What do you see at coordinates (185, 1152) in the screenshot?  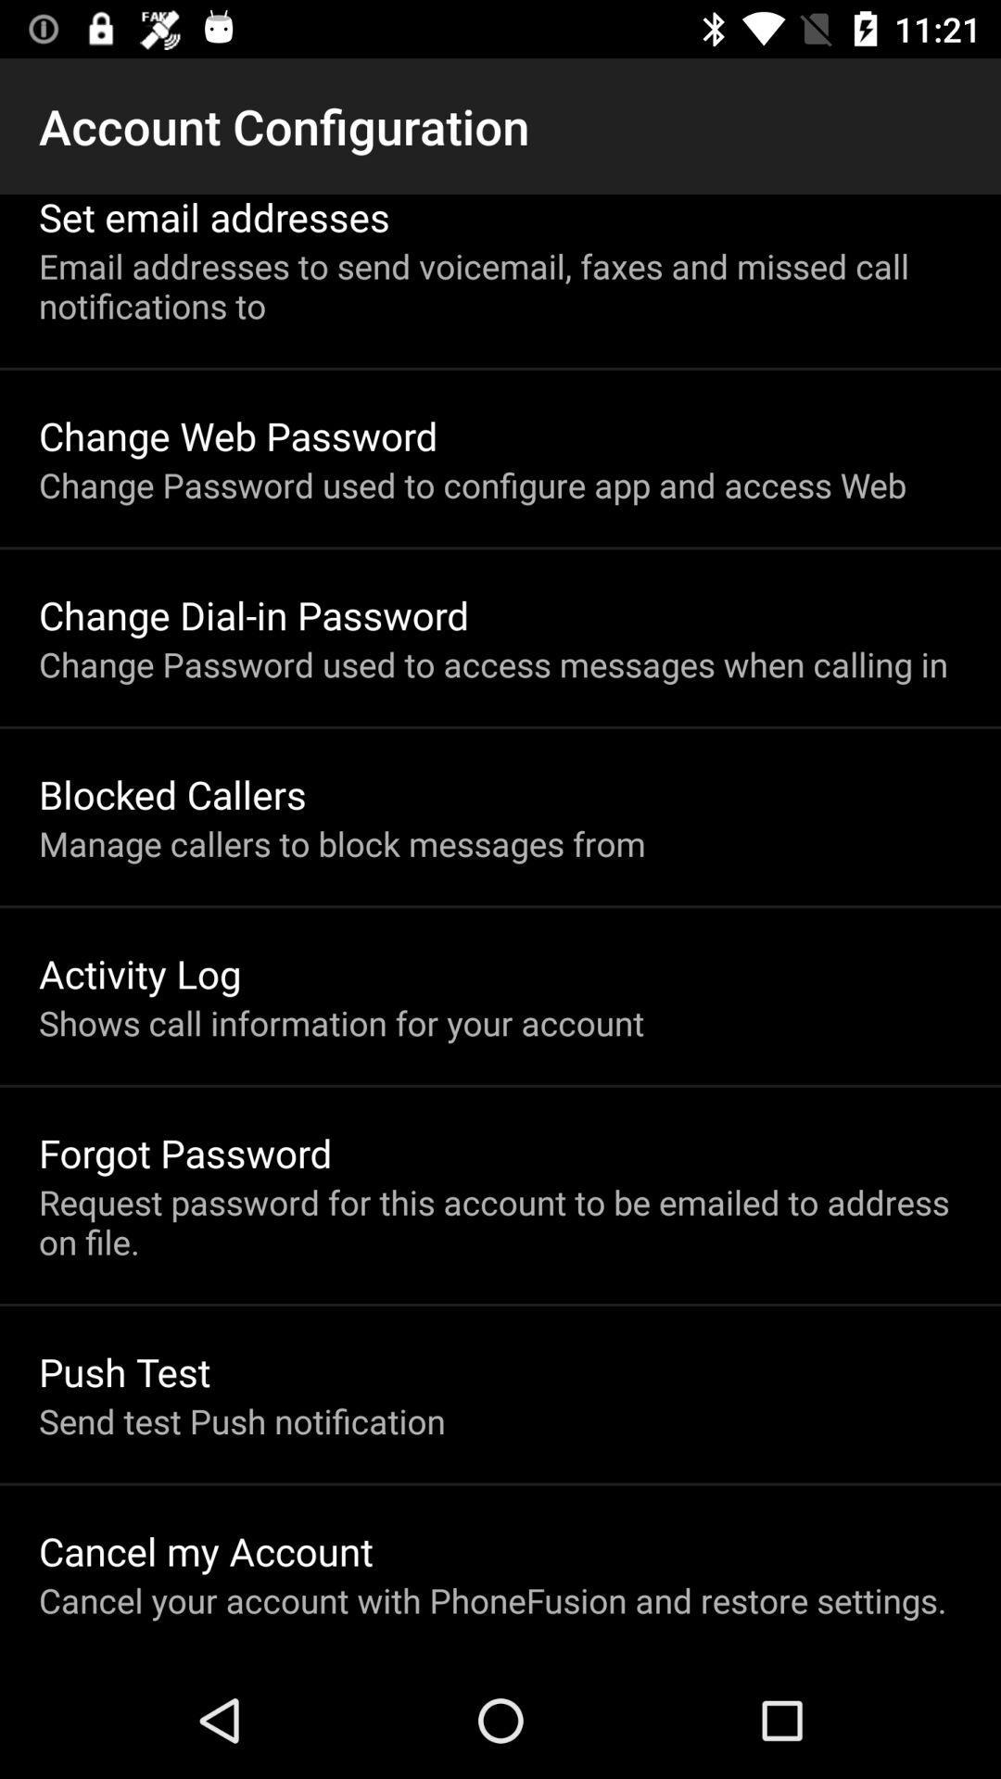 I see `forgot password icon` at bounding box center [185, 1152].